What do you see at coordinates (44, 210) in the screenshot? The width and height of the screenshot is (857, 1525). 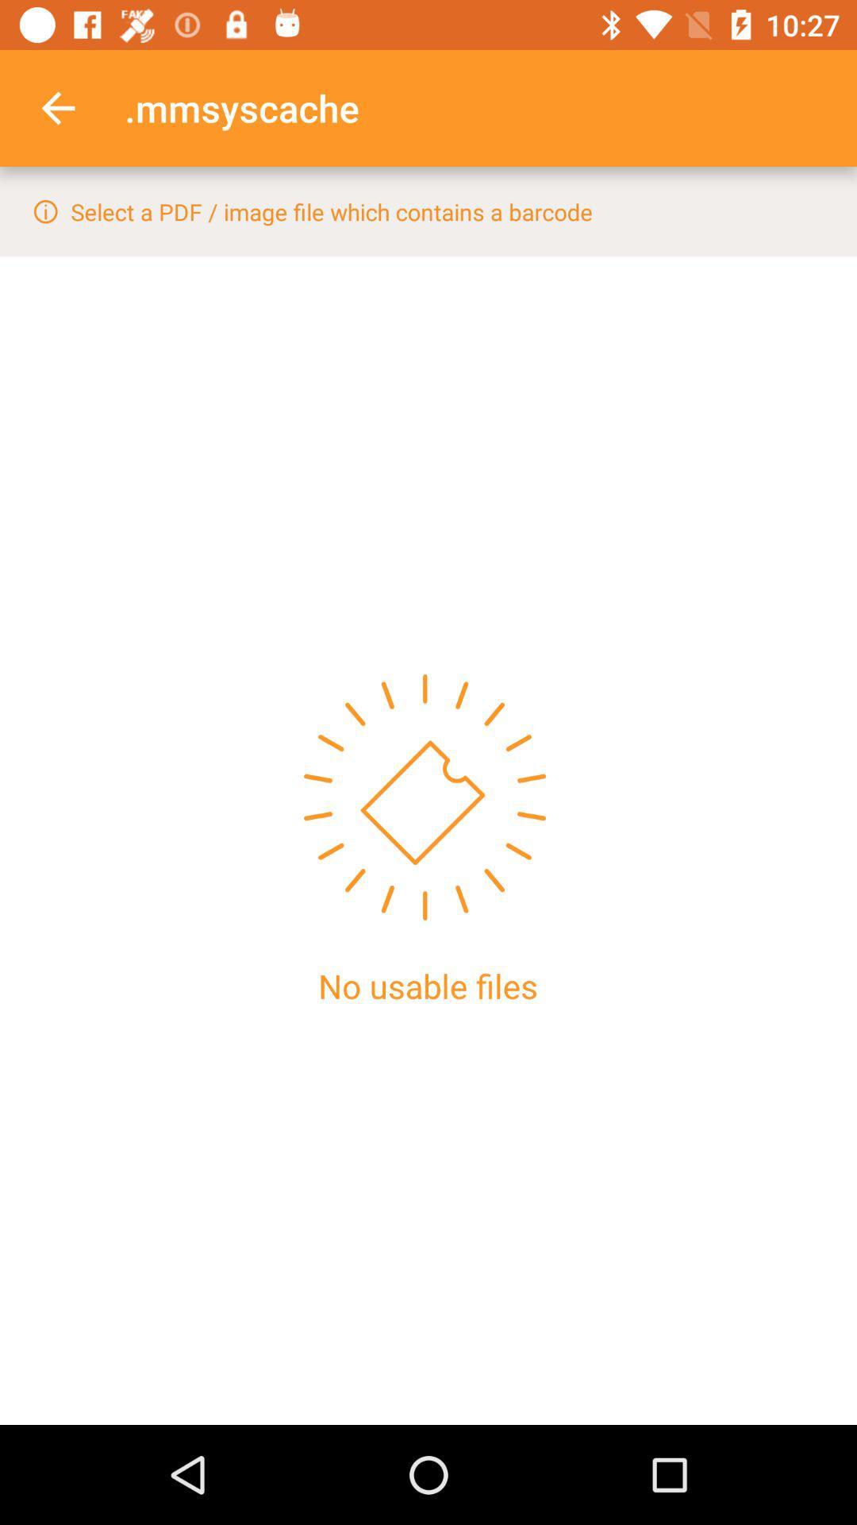 I see `the icon which is left side of the select a pdf  image file which contains a barcode` at bounding box center [44, 210].